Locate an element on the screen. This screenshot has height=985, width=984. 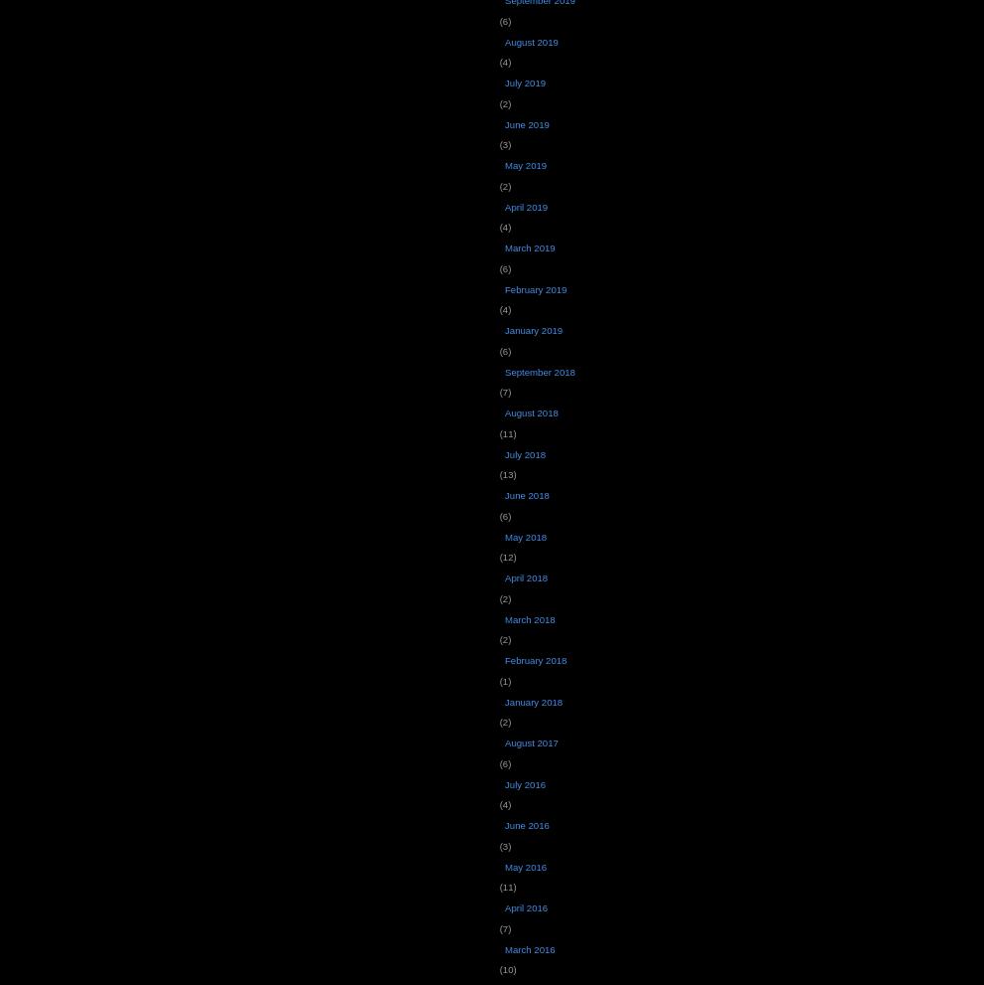
'June 2018' is located at coordinates (526, 495).